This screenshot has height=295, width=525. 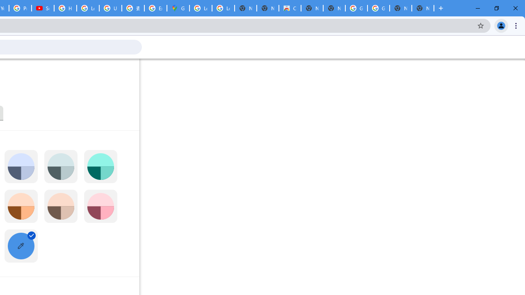 What do you see at coordinates (378, 8) in the screenshot?
I see `'Google Images'` at bounding box center [378, 8].